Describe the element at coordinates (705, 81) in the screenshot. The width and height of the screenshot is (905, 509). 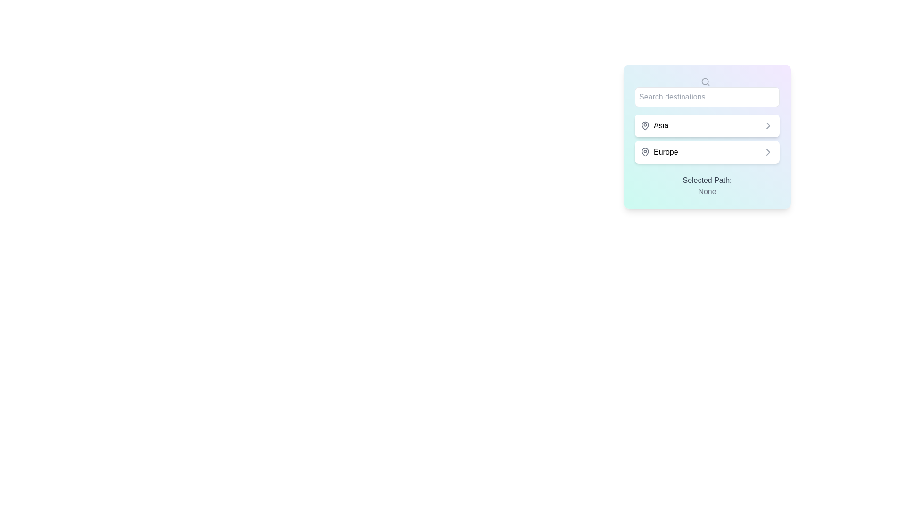
I see `the Magnifying Glass icon, which serves as a visual indicator for the search feature, located just above the text input field styled with rounded borders` at that location.